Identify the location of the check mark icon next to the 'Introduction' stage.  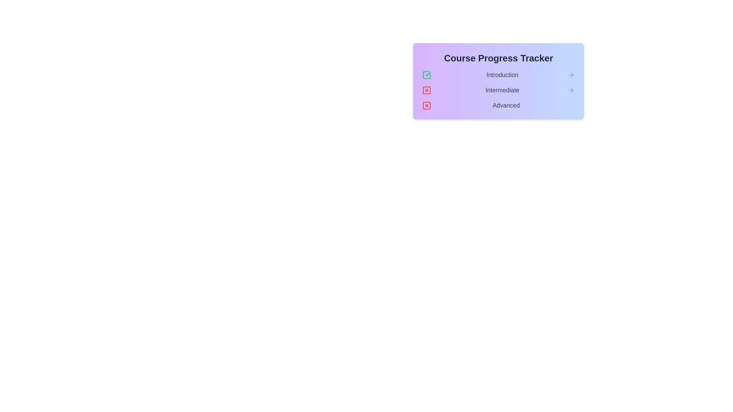
(426, 75).